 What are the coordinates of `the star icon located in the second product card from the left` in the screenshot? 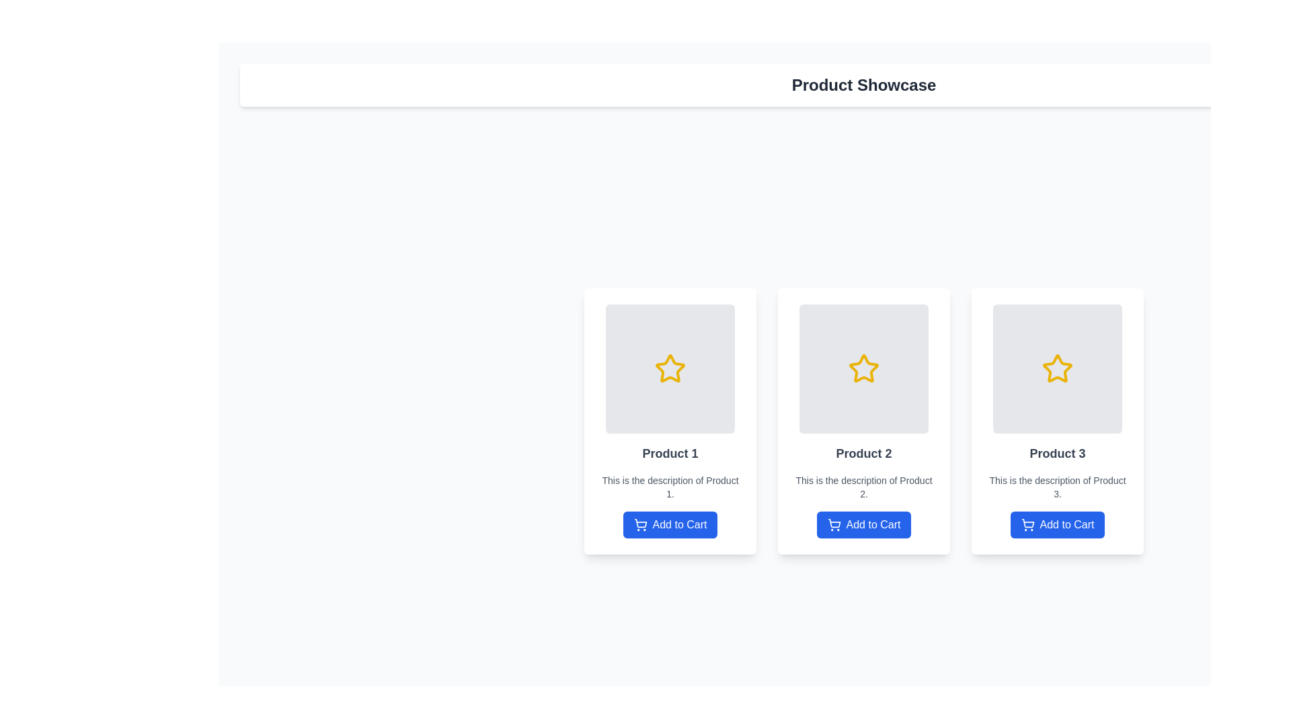 It's located at (864, 368).